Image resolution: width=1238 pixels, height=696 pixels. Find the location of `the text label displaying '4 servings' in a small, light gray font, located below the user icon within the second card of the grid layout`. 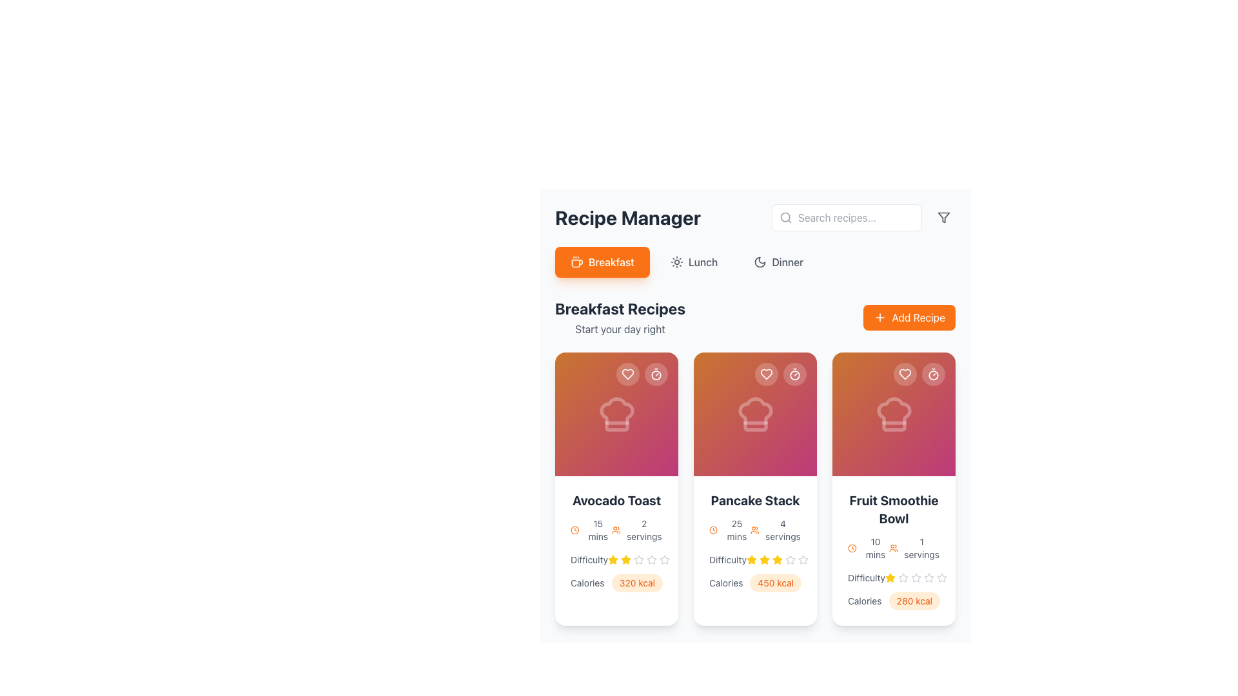

the text label displaying '4 servings' in a small, light gray font, located below the user icon within the second card of the grid layout is located at coordinates (782, 530).